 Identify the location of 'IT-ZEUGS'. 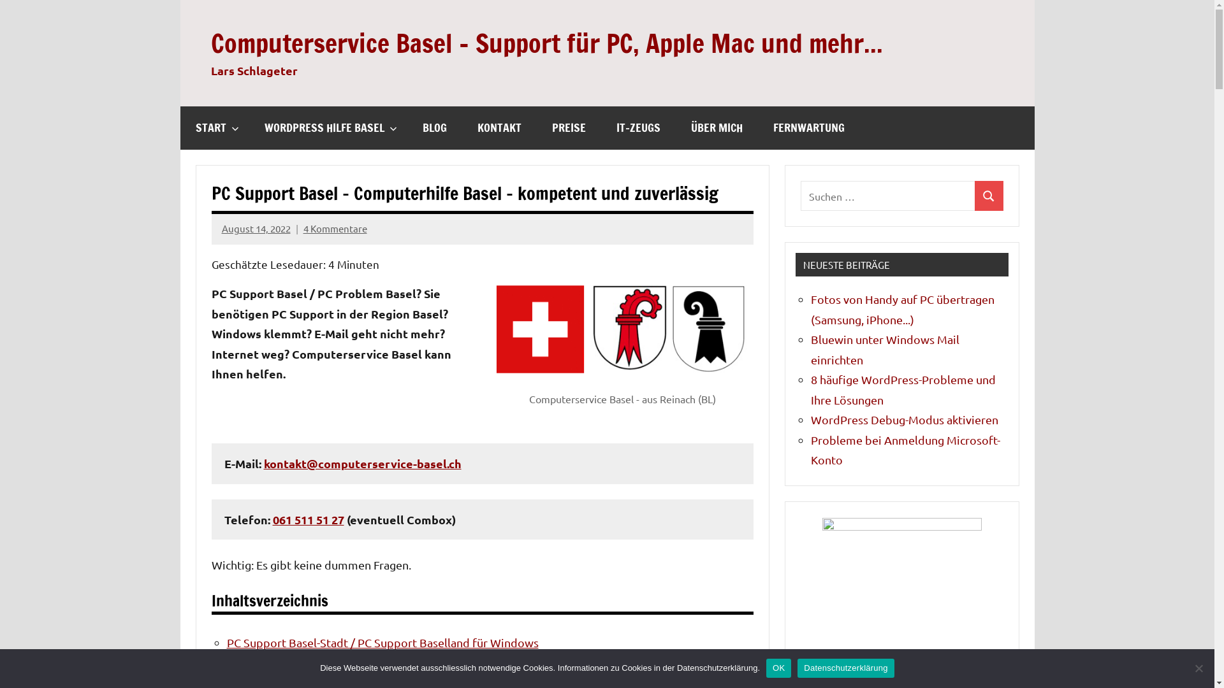
(637, 127).